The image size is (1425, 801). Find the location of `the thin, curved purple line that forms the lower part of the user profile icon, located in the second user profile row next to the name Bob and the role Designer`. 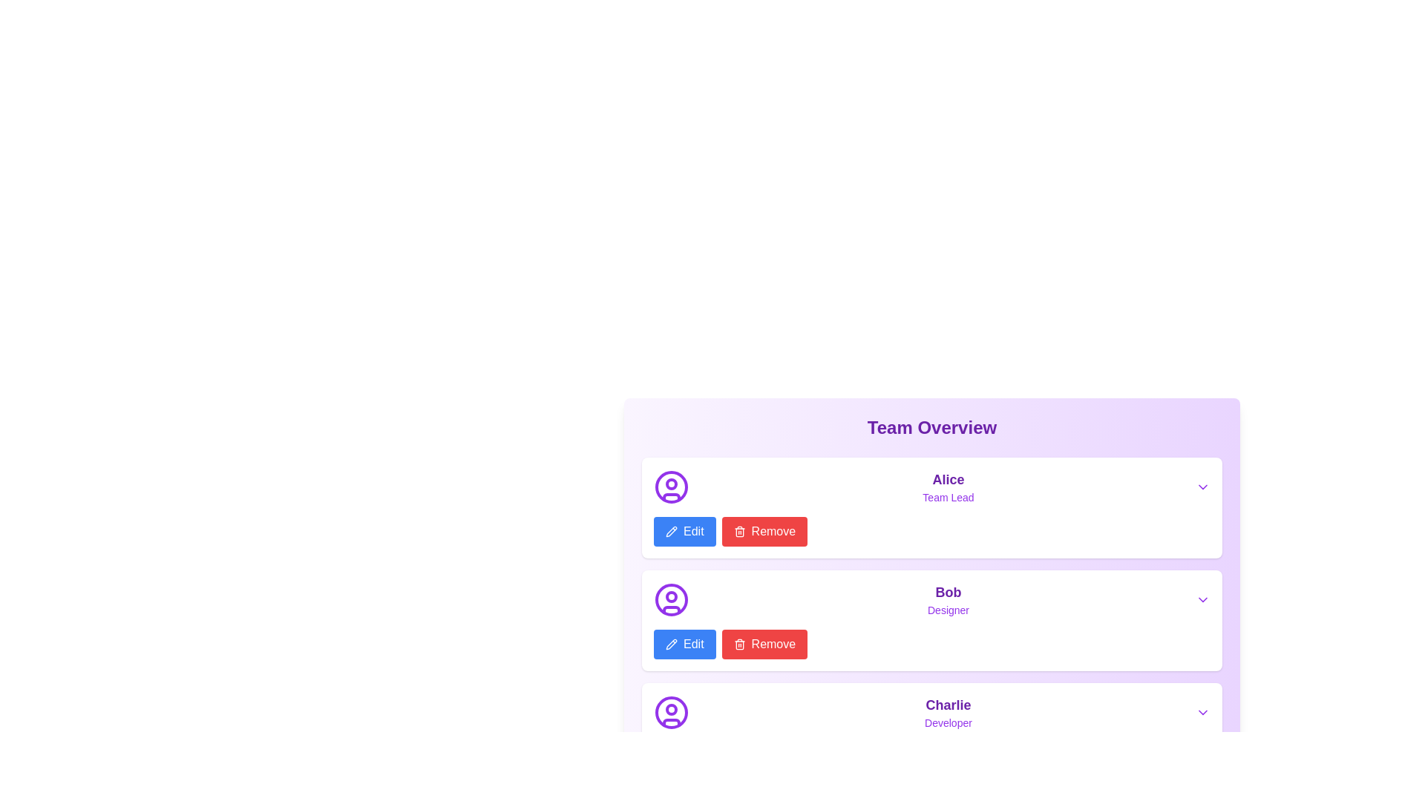

the thin, curved purple line that forms the lower part of the user profile icon, located in the second user profile row next to the name Bob and the role Designer is located at coordinates (671, 609).